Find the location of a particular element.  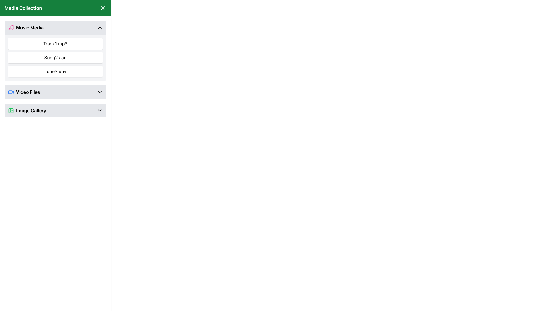

the green icon representing an image depiction, which is positioned to the left of the 'Image Gallery' text in the Media Collection panel is located at coordinates (11, 111).